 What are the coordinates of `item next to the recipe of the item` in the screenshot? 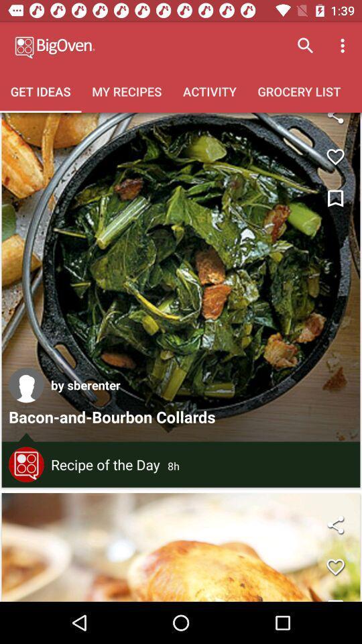 It's located at (26, 464).